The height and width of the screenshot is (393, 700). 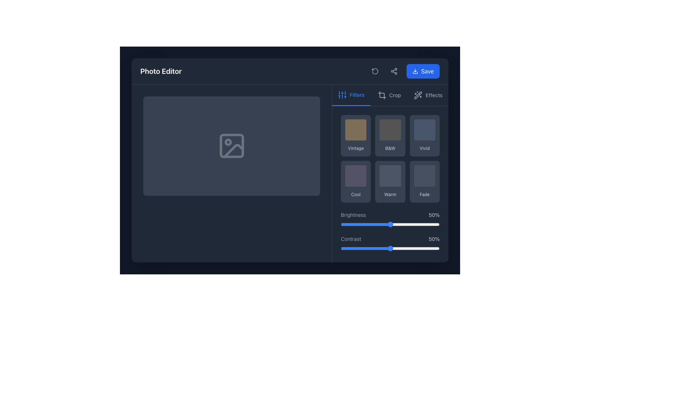 What do you see at coordinates (357, 95) in the screenshot?
I see `the 'Filters' label, which is styled with a medium-size font and located in the navigation area next to the vertical sliders icon` at bounding box center [357, 95].